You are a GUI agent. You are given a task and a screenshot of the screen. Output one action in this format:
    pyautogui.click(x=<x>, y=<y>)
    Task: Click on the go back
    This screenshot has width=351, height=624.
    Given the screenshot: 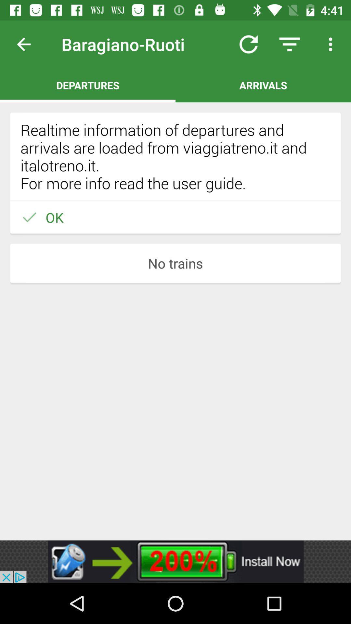 What is the action you would take?
    pyautogui.click(x=29, y=44)
    